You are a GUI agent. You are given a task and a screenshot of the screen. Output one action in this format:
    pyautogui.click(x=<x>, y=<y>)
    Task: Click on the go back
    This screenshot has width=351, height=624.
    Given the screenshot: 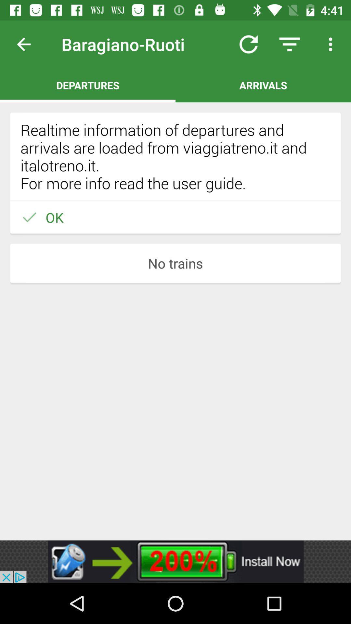 What is the action you would take?
    pyautogui.click(x=29, y=44)
    